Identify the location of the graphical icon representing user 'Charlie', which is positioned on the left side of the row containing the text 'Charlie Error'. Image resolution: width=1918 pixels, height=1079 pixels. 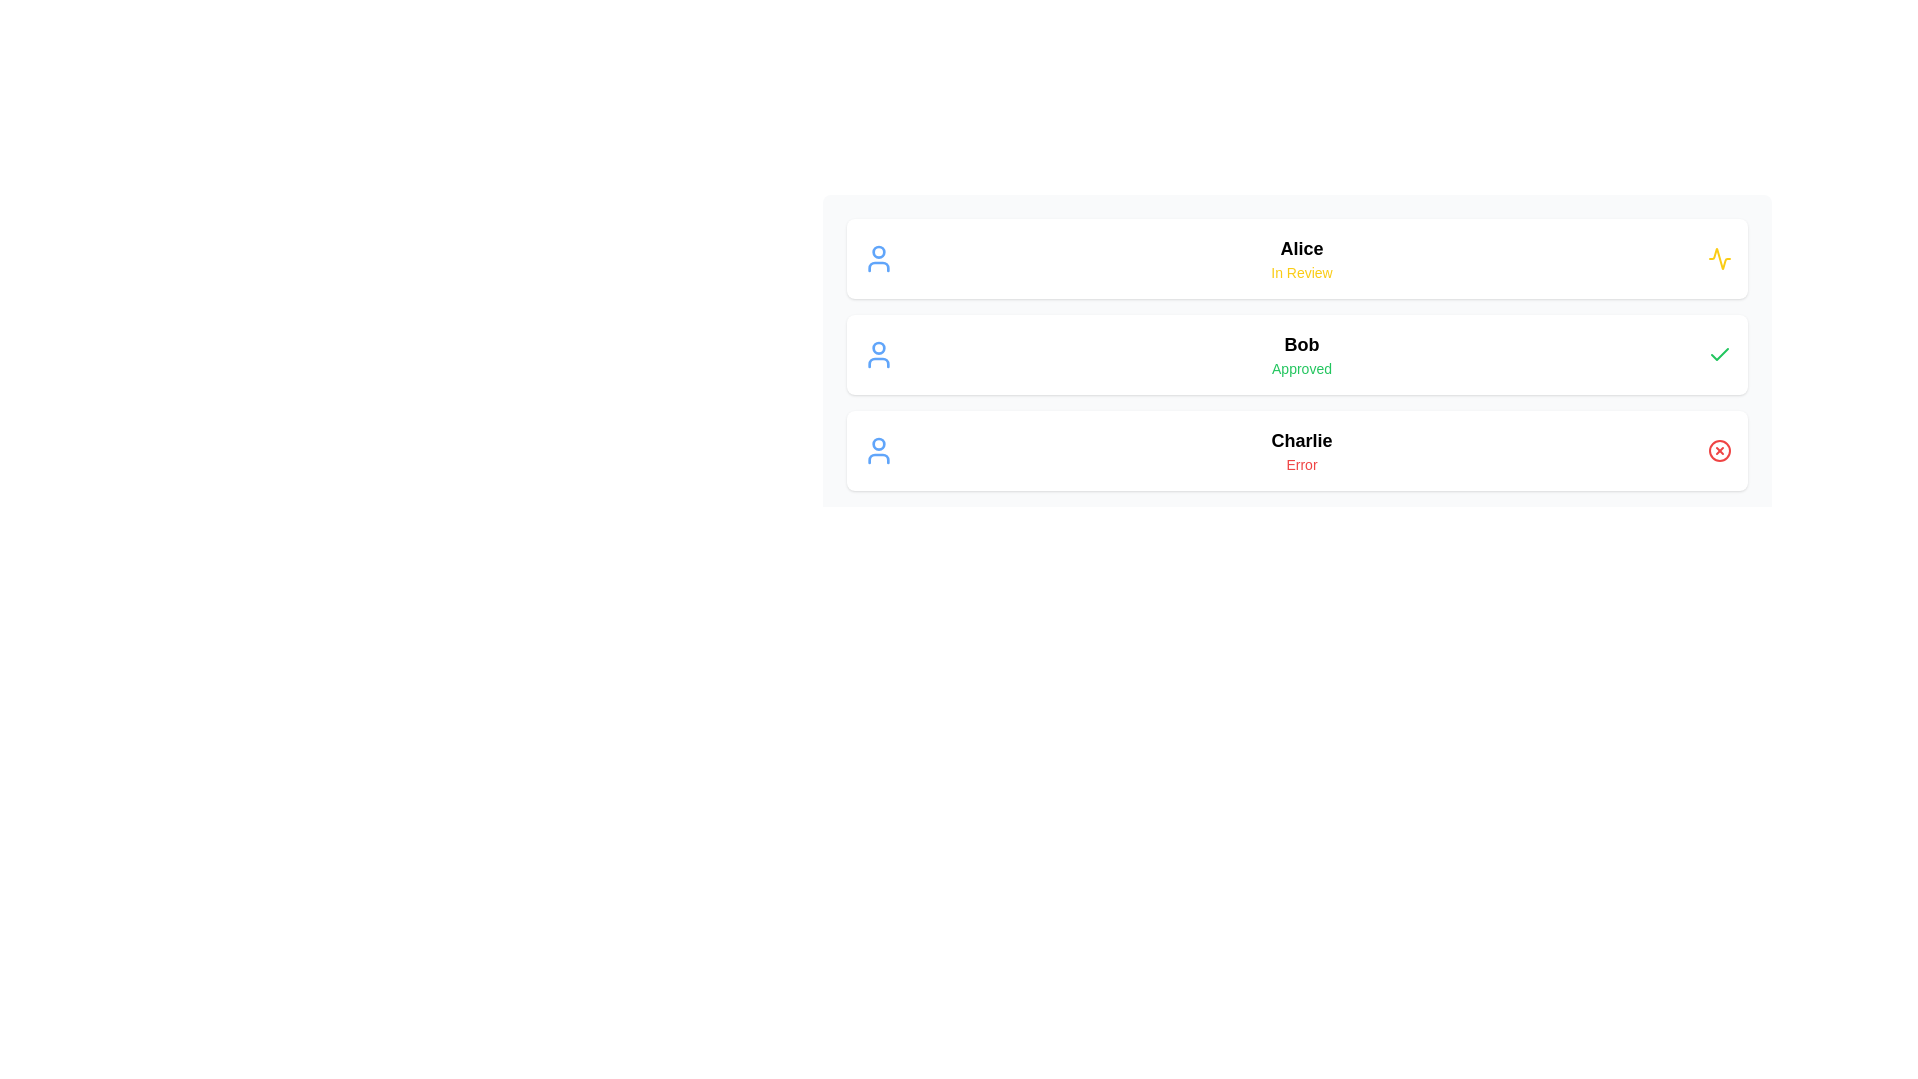
(878, 451).